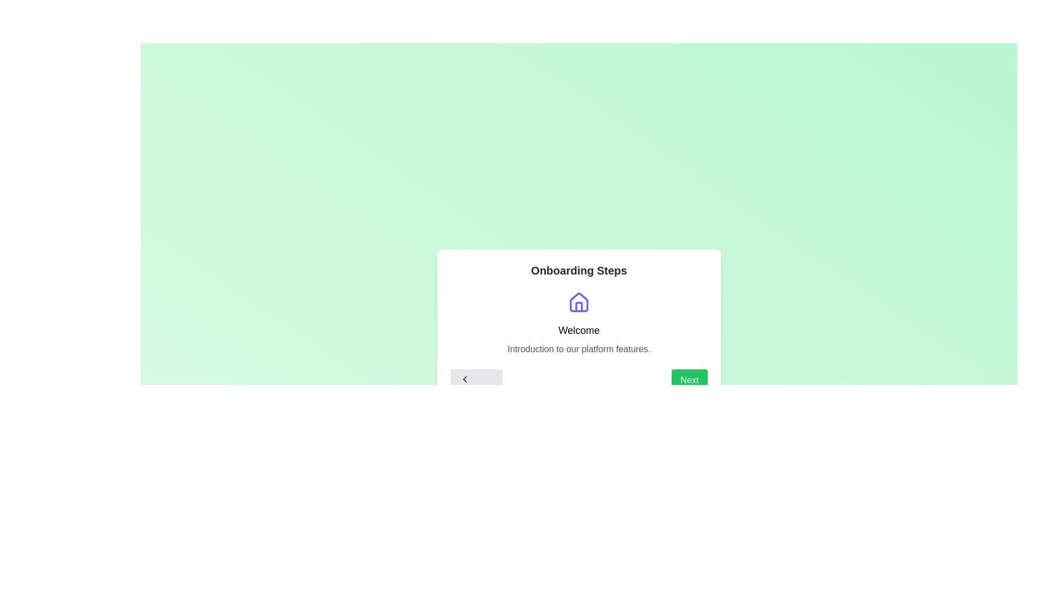  Describe the element at coordinates (579, 330) in the screenshot. I see `the Text Label element located centrally` at that location.